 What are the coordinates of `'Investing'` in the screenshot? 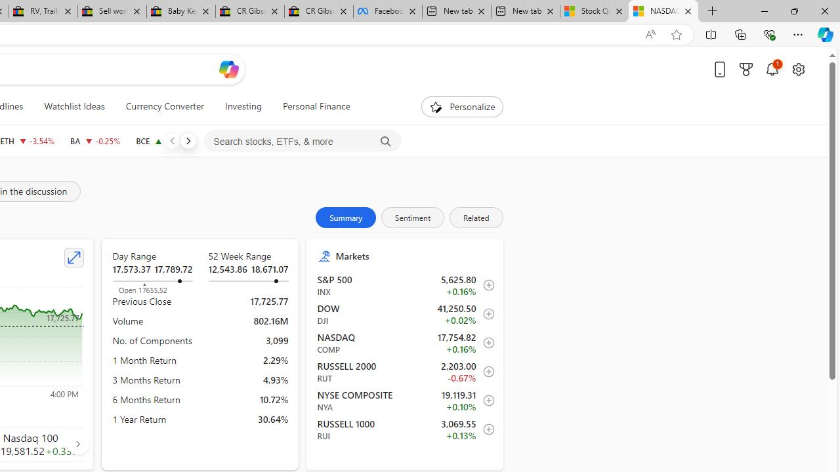 It's located at (243, 106).